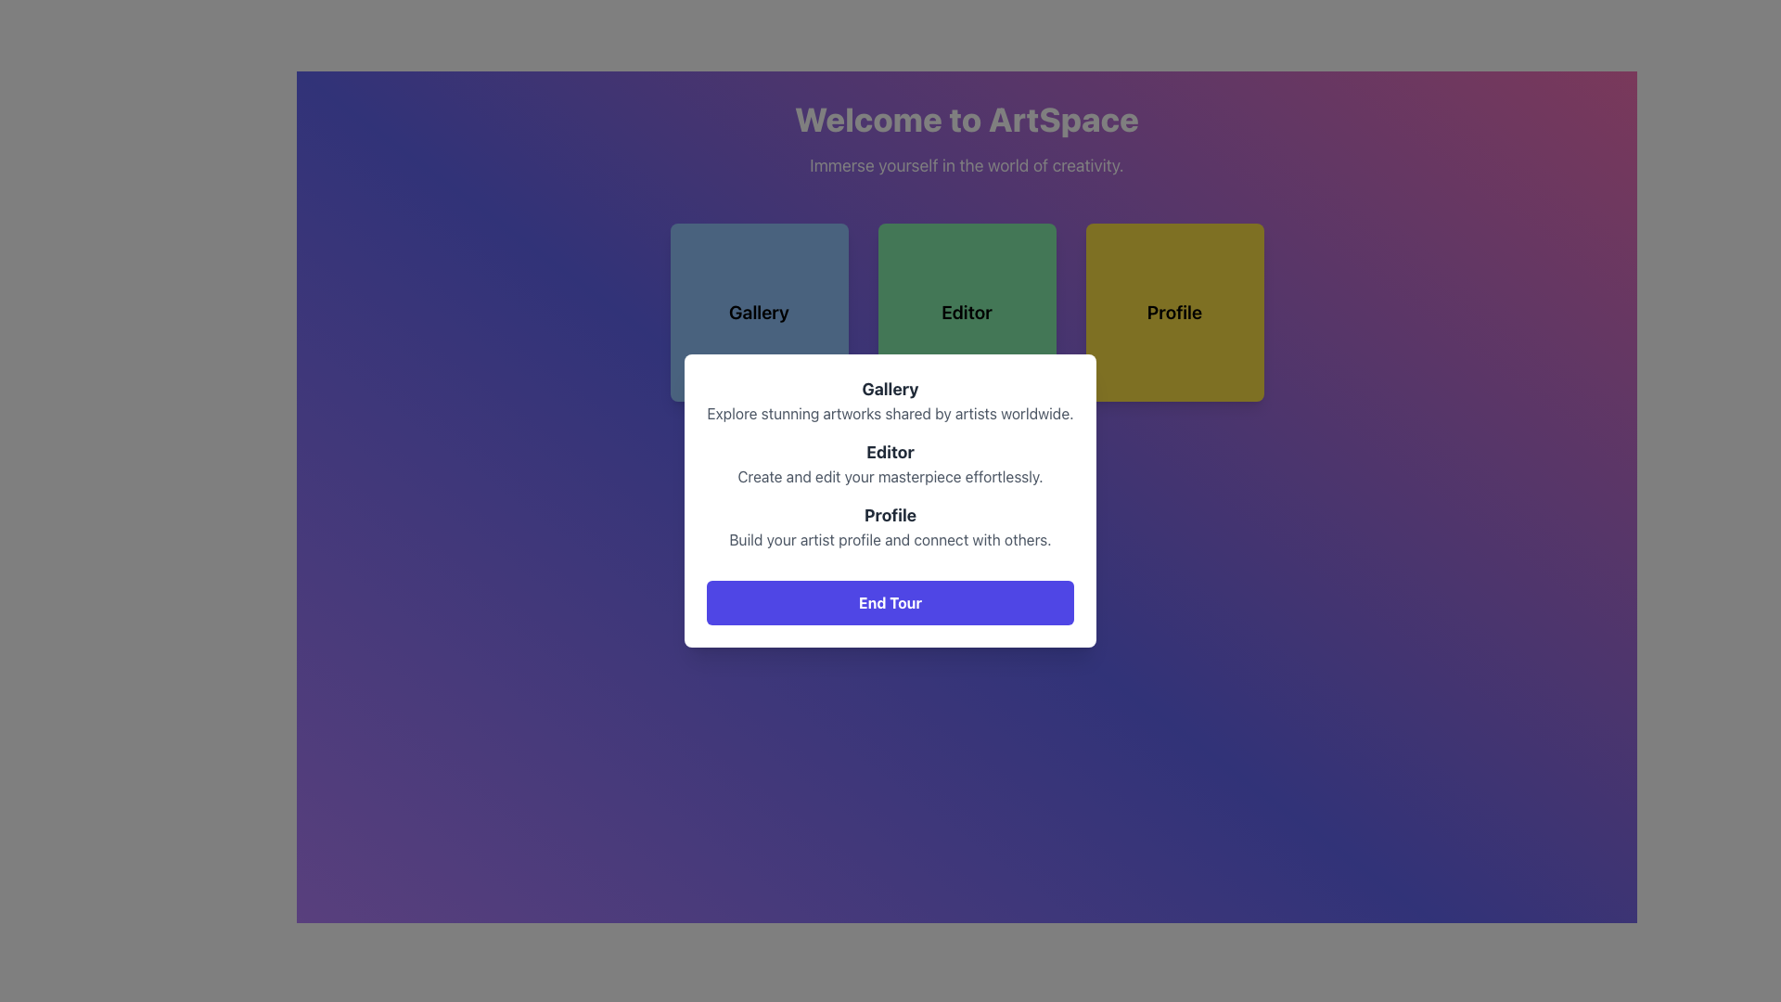 The image size is (1781, 1002). I want to click on the 'Editor' button, which is the second button in a row of three horizontally-aligned buttons, so click(966, 311).